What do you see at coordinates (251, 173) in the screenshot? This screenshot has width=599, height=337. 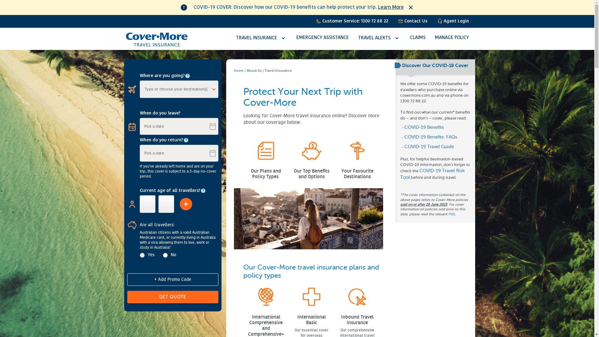 I see `'Our Plans and Policy Types'` at bounding box center [251, 173].